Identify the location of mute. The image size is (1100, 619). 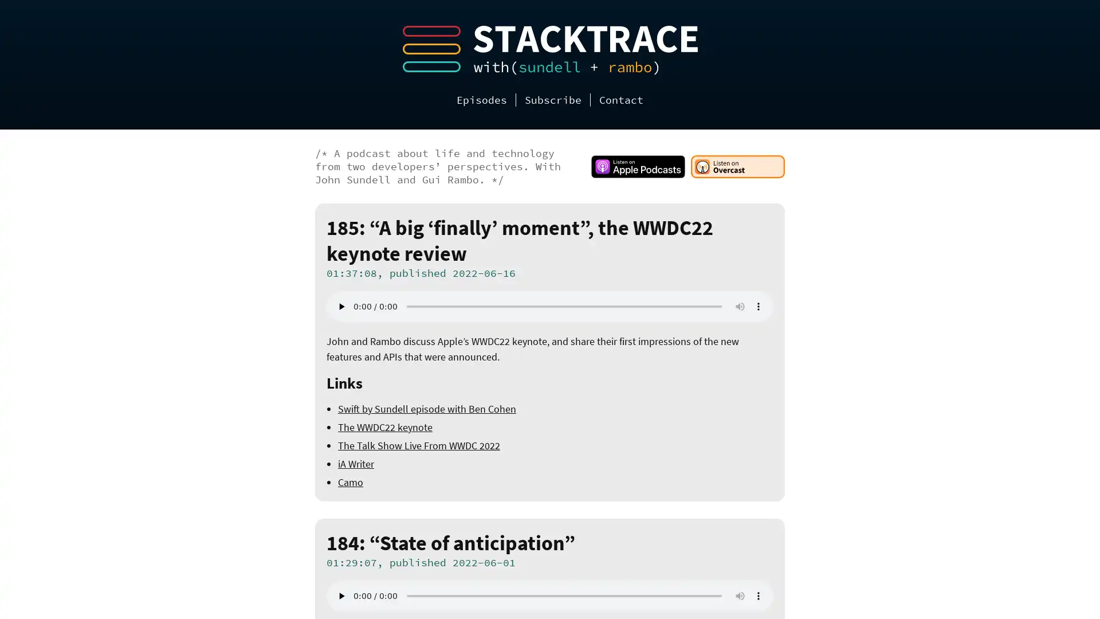
(740, 596).